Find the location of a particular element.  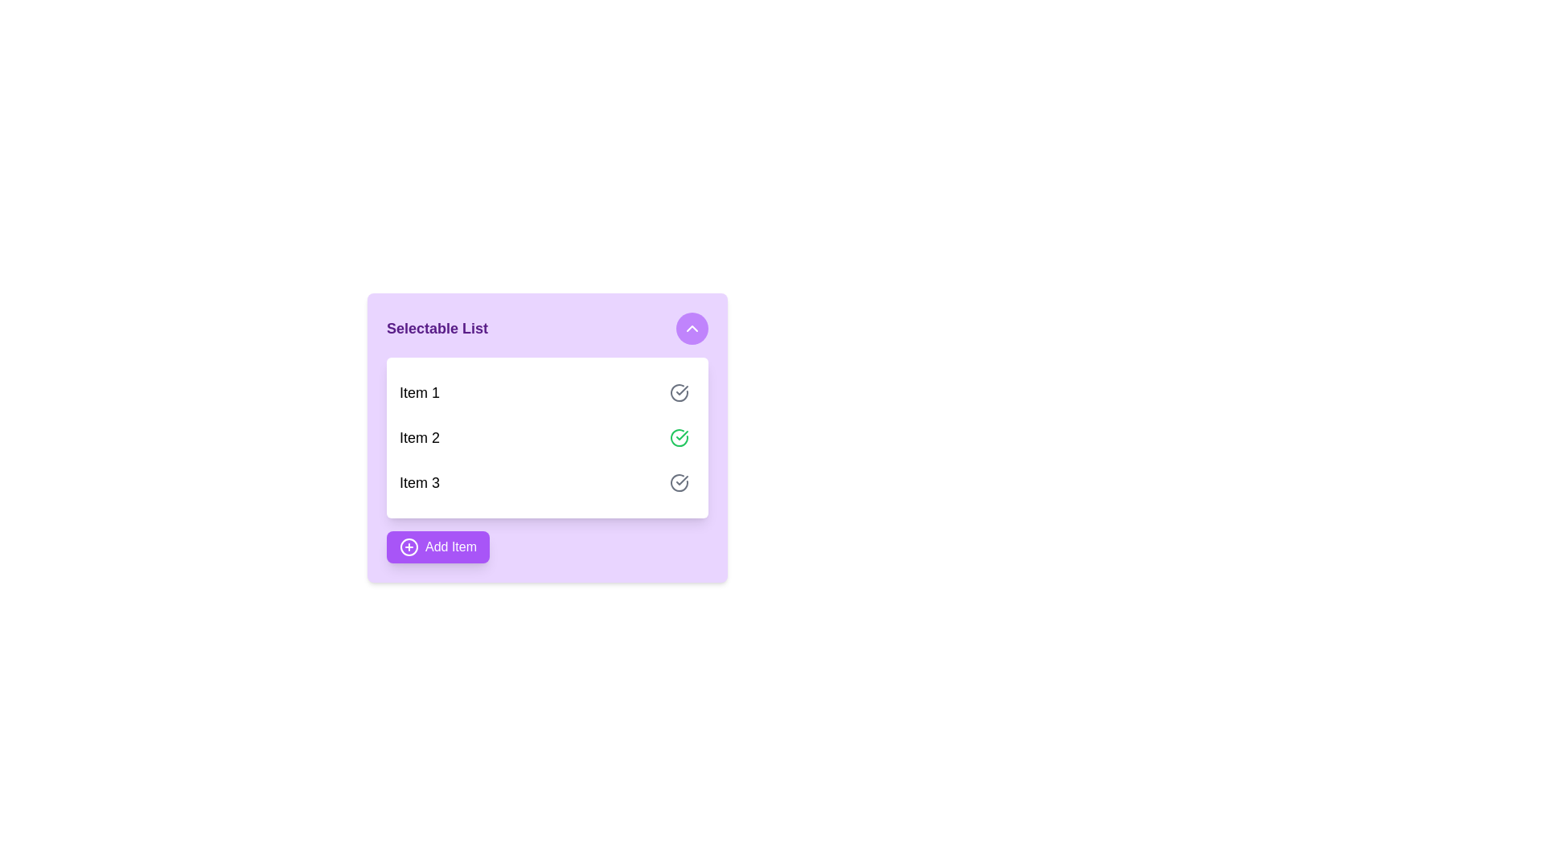

the icon button located to the far right of the row labeled 'Item 3' is located at coordinates (679, 482).